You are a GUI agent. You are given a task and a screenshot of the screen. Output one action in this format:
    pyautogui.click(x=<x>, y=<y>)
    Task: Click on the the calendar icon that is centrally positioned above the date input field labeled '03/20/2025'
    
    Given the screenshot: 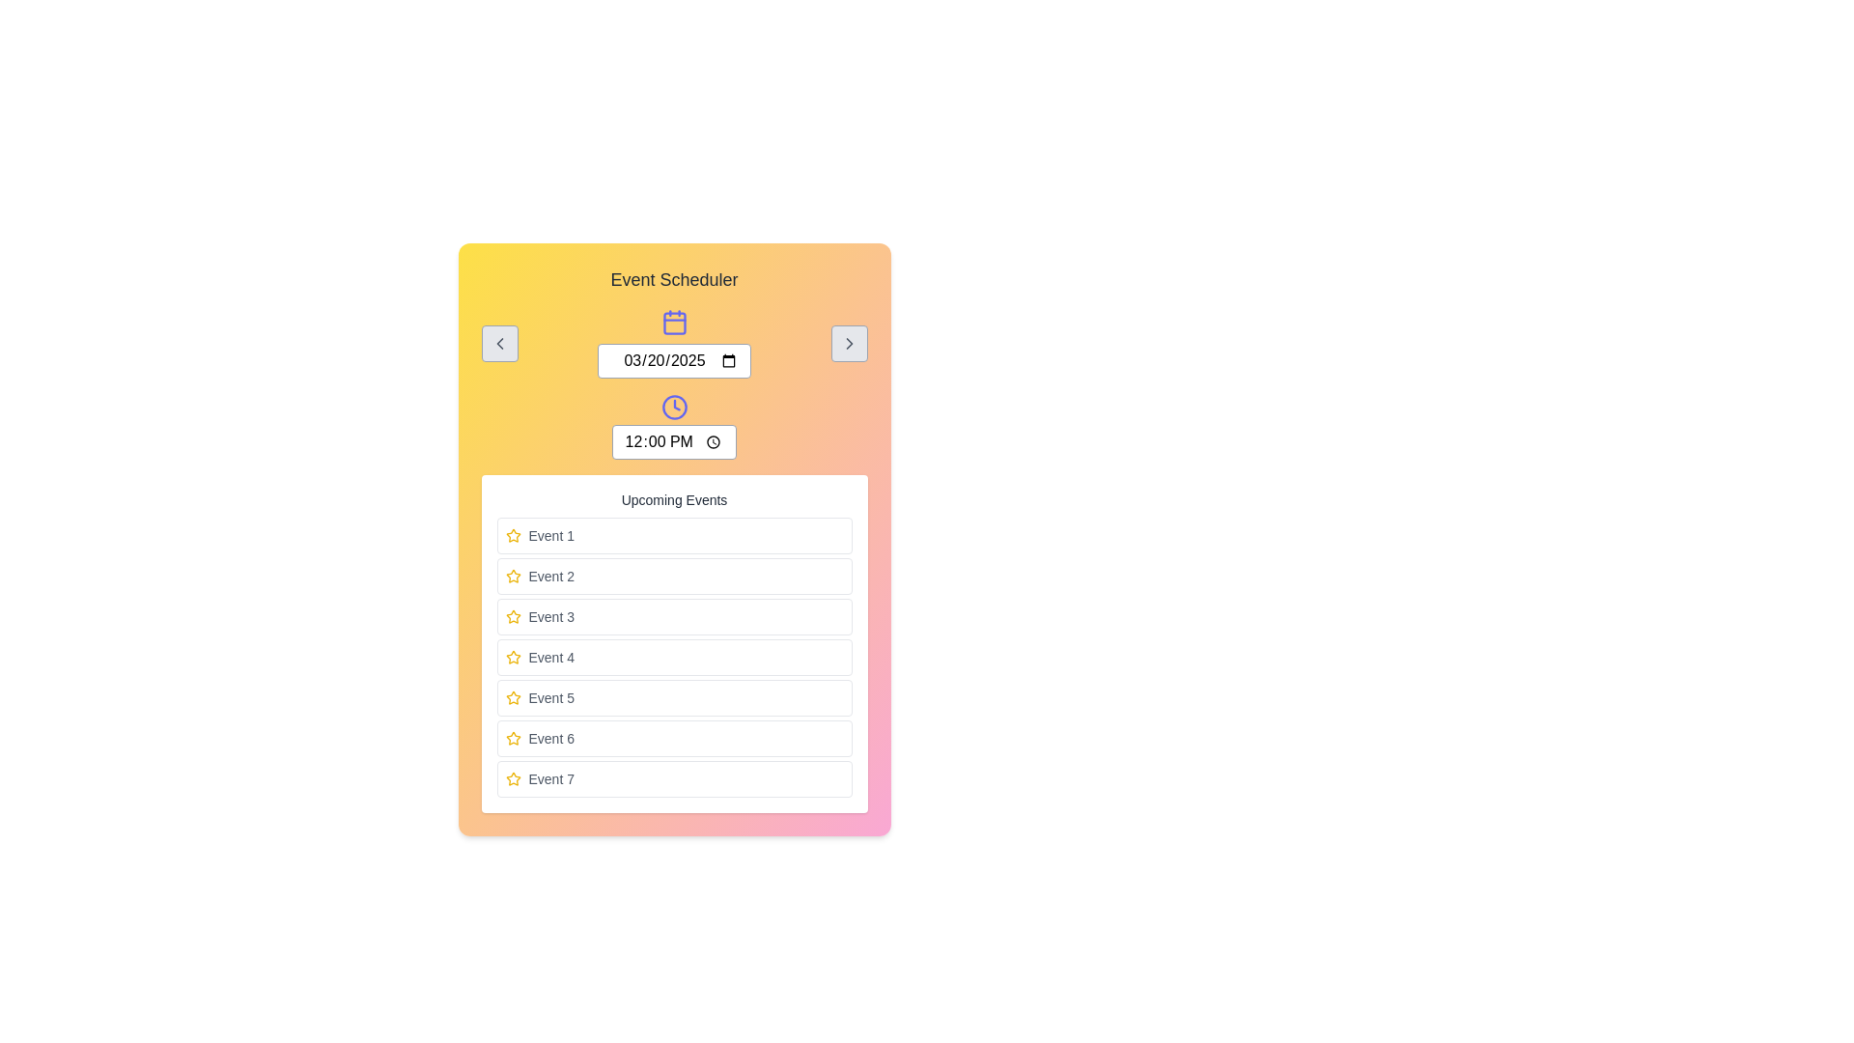 What is the action you would take?
    pyautogui.click(x=674, y=322)
    